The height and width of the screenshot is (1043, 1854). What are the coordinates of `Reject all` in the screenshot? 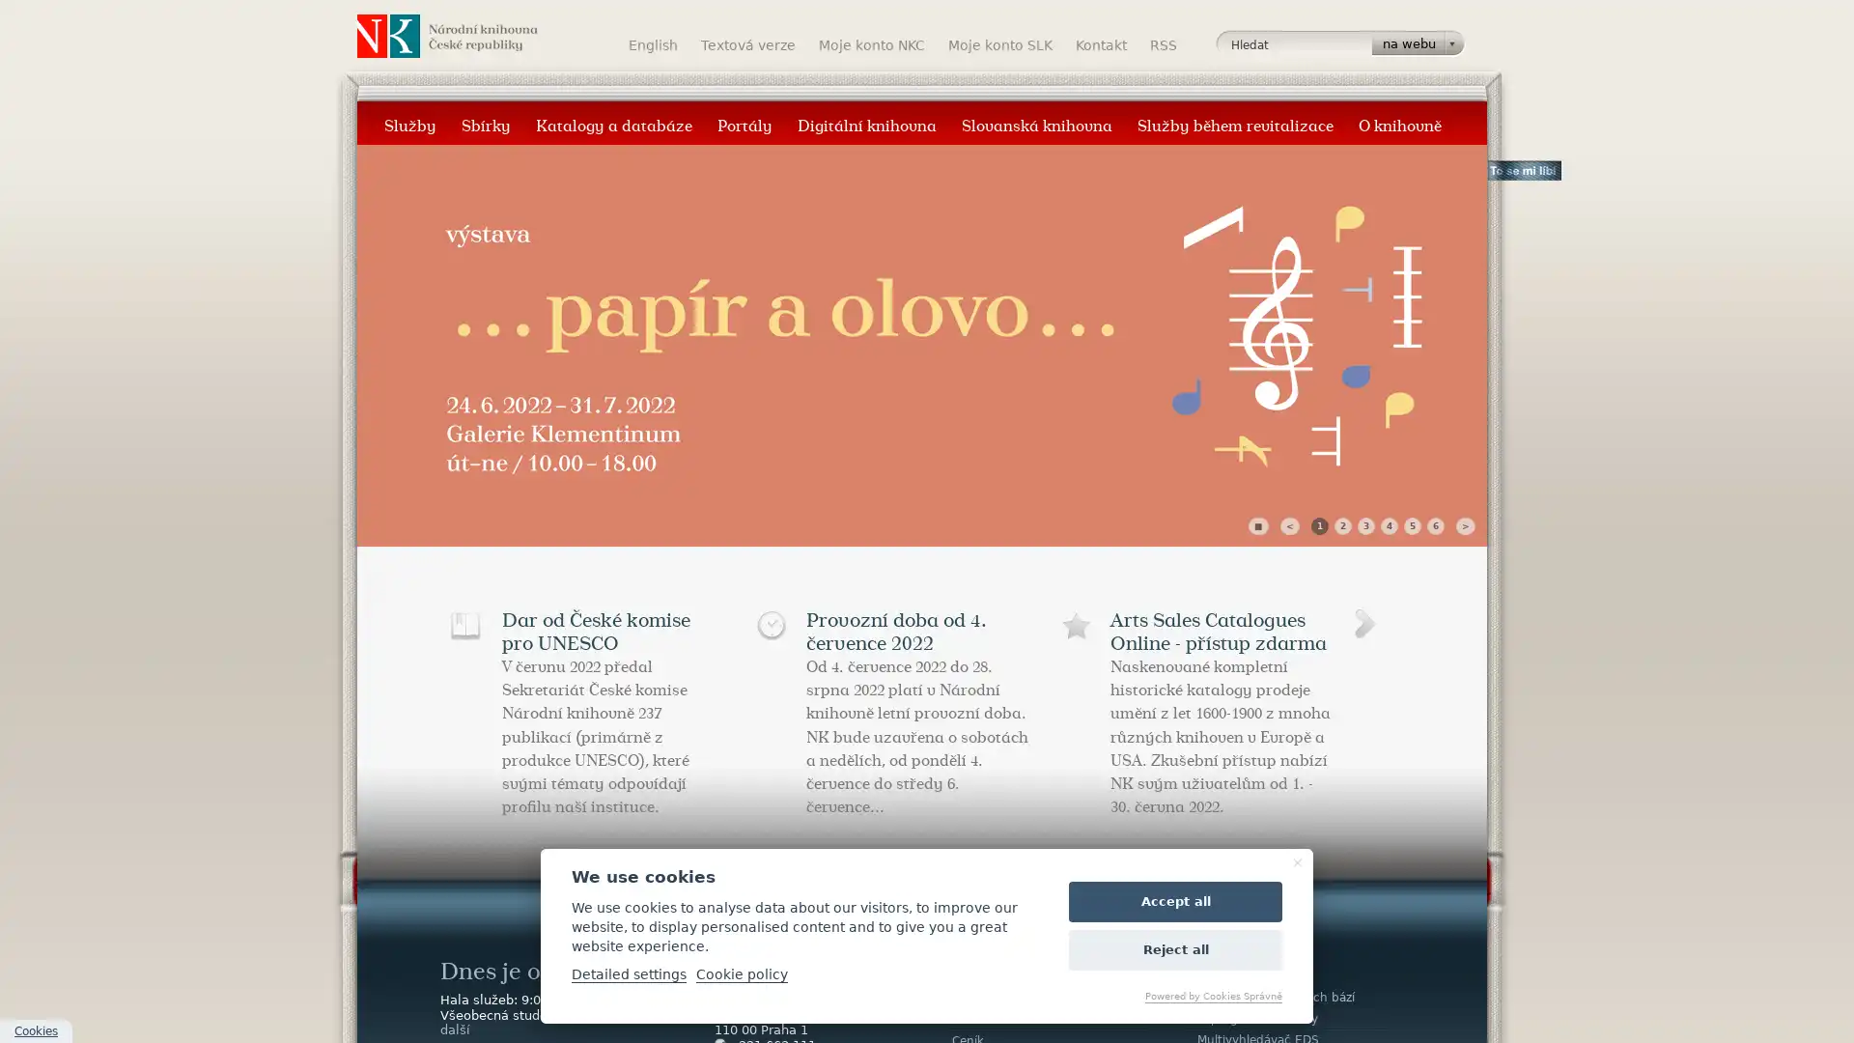 It's located at (1174, 948).